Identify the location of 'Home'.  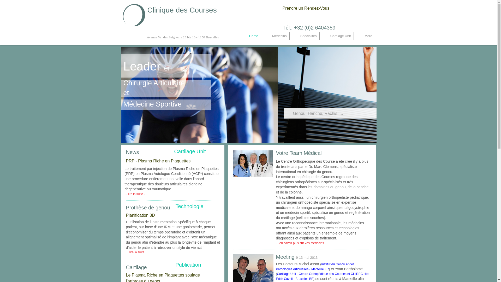
(249, 36).